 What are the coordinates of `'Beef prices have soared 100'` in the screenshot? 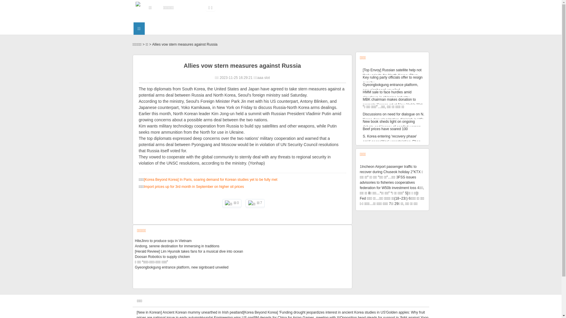 It's located at (385, 129).